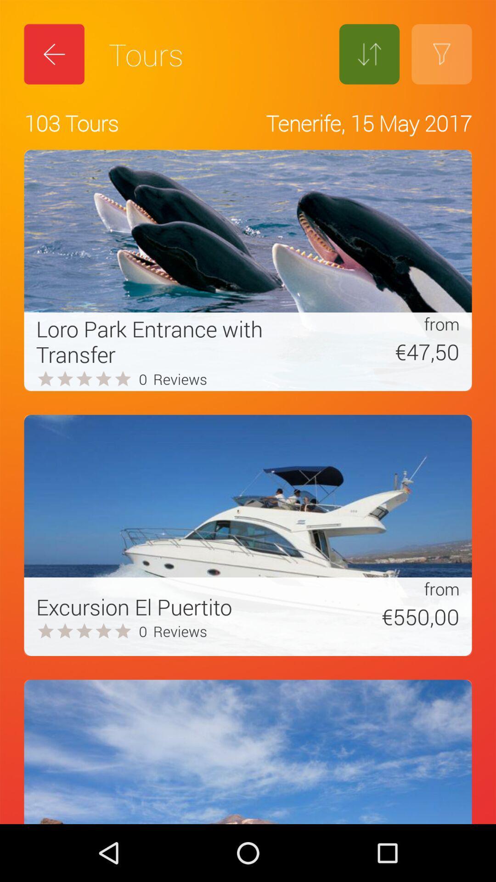 The height and width of the screenshot is (882, 496). Describe the element at coordinates (171, 341) in the screenshot. I see `loro park entrance icon` at that location.